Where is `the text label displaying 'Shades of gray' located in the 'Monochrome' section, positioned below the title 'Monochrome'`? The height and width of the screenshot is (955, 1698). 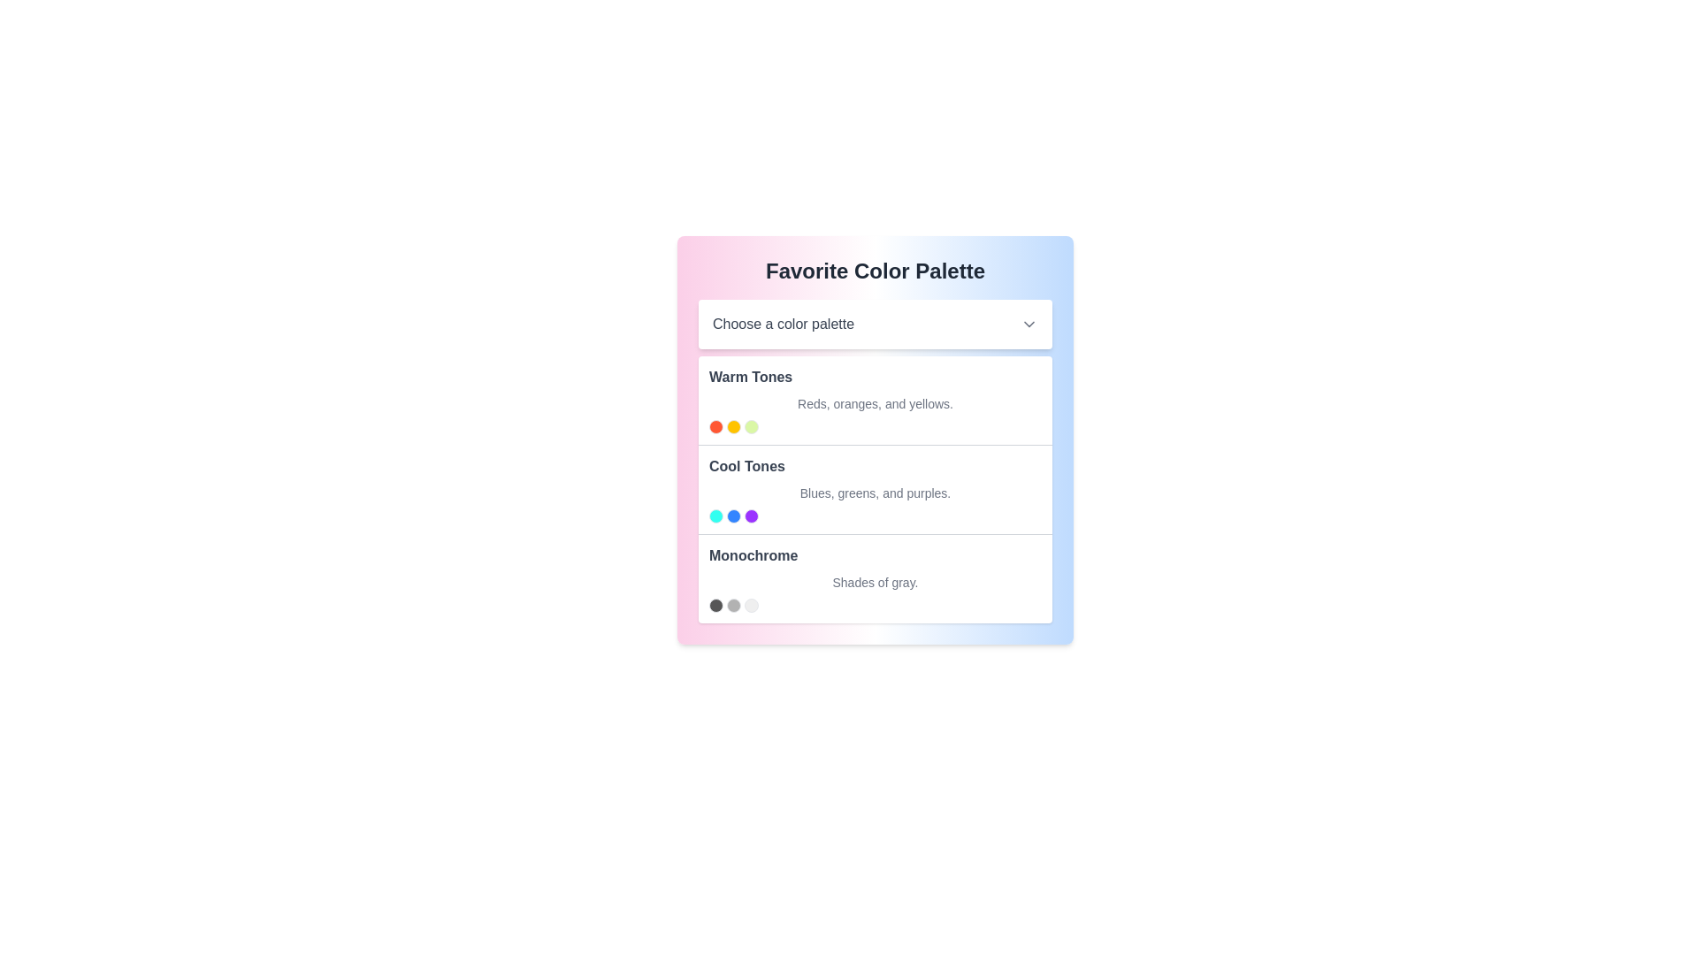 the text label displaying 'Shades of gray' located in the 'Monochrome' section, positioned below the title 'Monochrome' is located at coordinates (875, 583).